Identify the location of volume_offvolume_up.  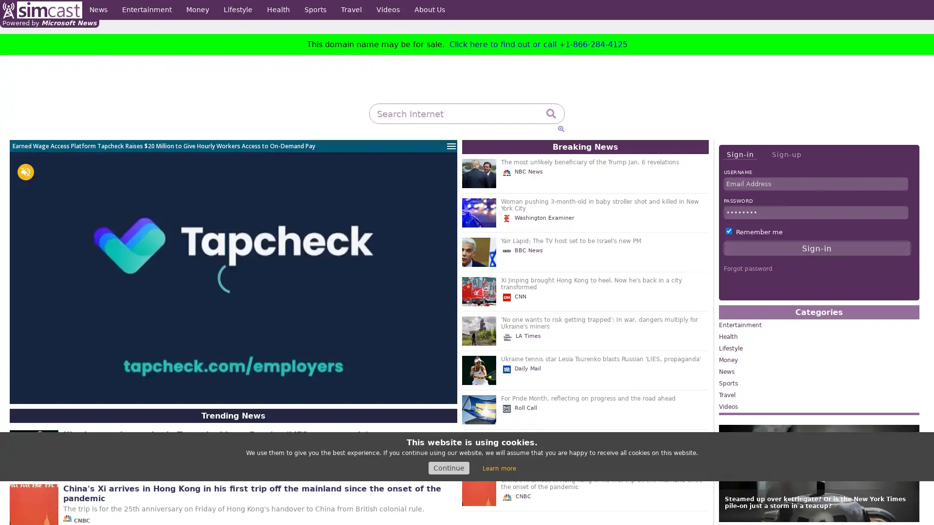
(25, 172).